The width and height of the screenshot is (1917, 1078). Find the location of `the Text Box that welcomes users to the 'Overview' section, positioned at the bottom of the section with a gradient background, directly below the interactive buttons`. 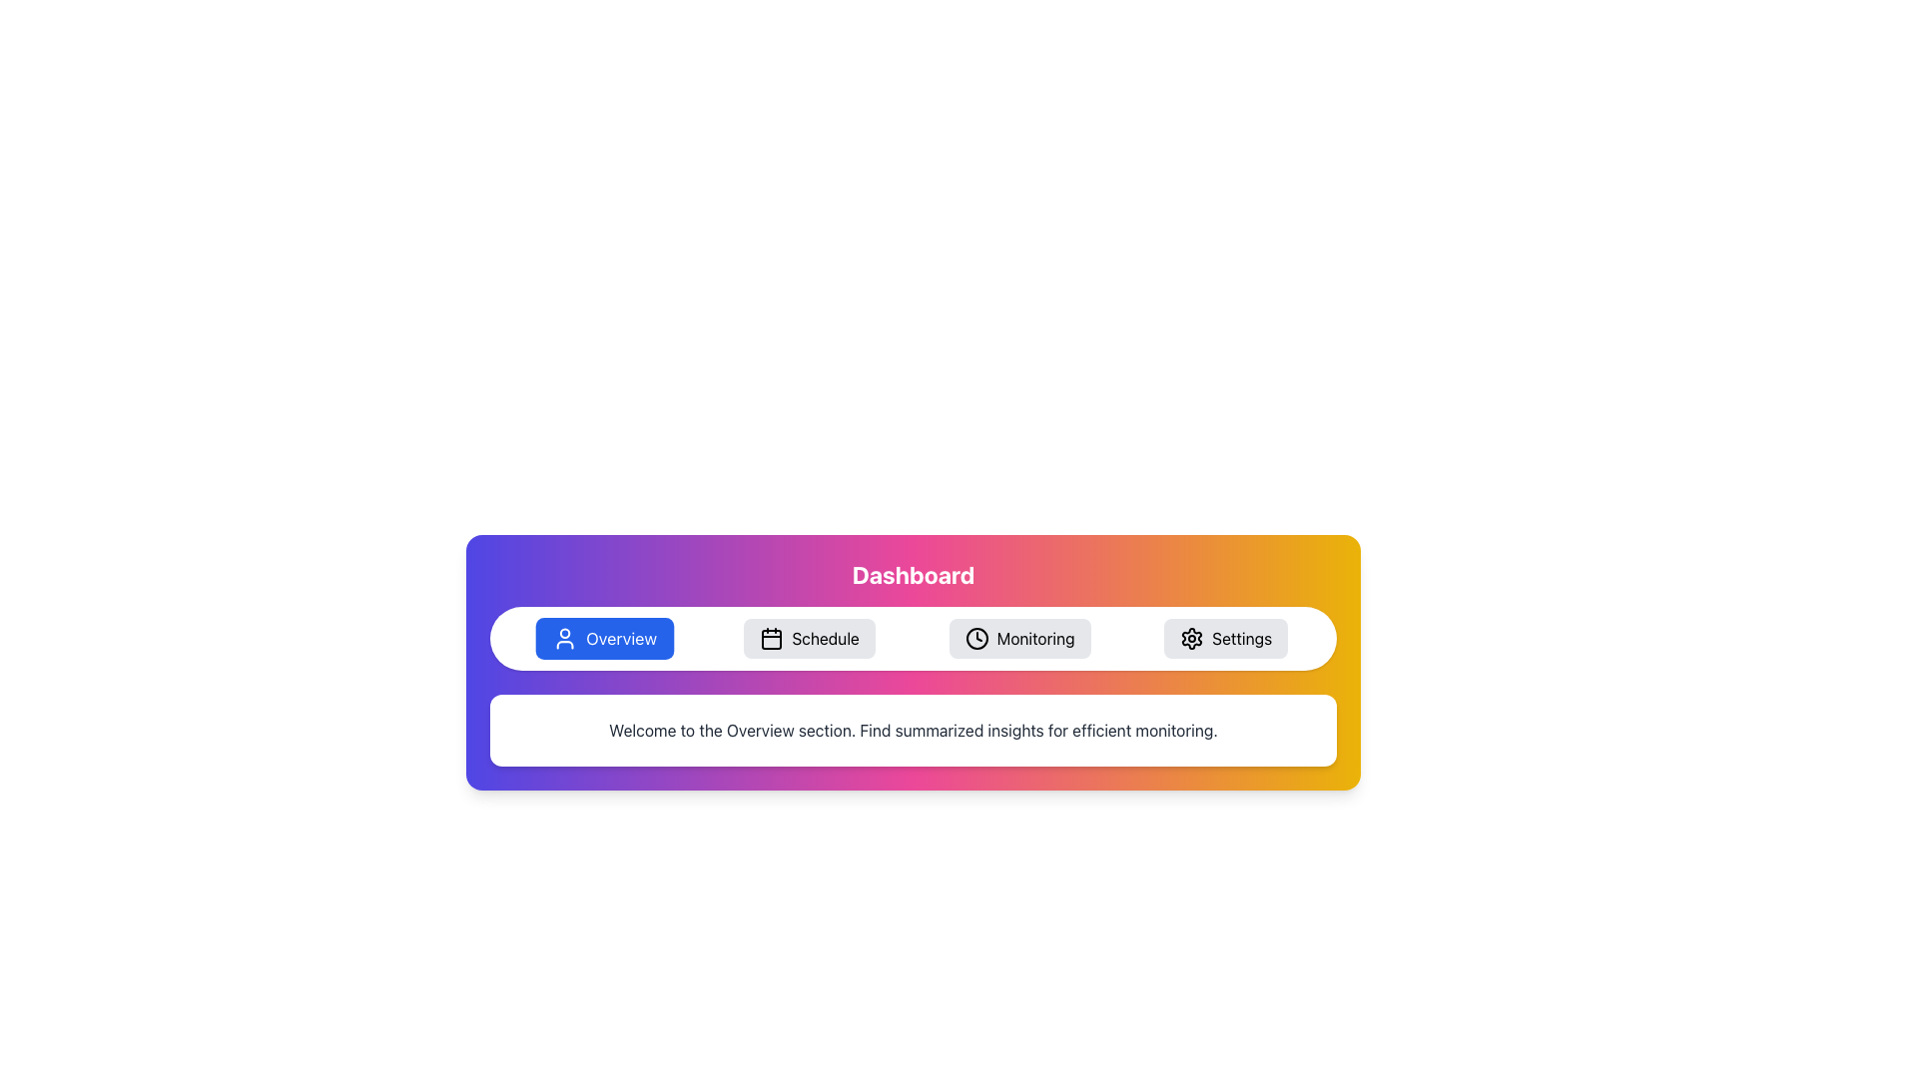

the Text Box that welcomes users to the 'Overview' section, positioned at the bottom of the section with a gradient background, directly below the interactive buttons is located at coordinates (913, 731).